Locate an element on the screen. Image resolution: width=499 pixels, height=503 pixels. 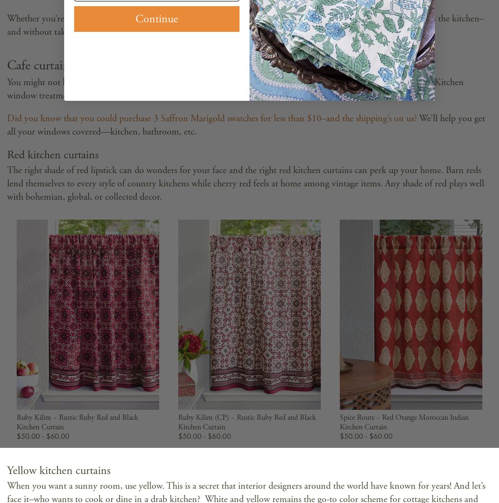
'by design' is located at coordinates (219, 19).